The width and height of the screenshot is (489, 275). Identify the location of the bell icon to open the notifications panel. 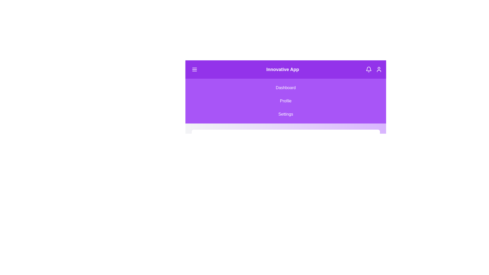
(369, 70).